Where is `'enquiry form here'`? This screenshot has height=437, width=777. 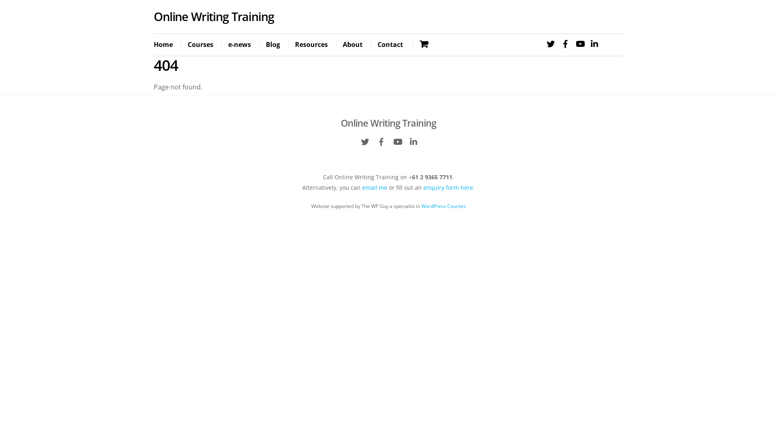 'enquiry form here' is located at coordinates (448, 187).